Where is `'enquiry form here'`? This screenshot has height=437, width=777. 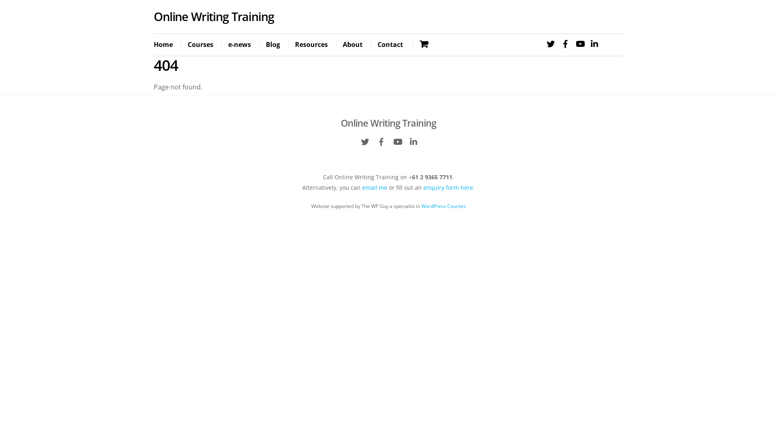 'enquiry form here' is located at coordinates (448, 187).